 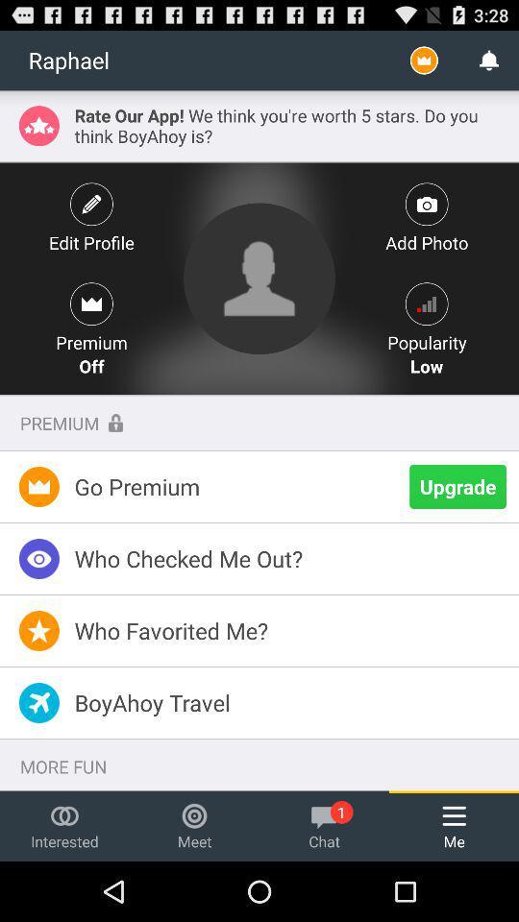 I want to click on edit profile picture, so click(x=259, y=278).